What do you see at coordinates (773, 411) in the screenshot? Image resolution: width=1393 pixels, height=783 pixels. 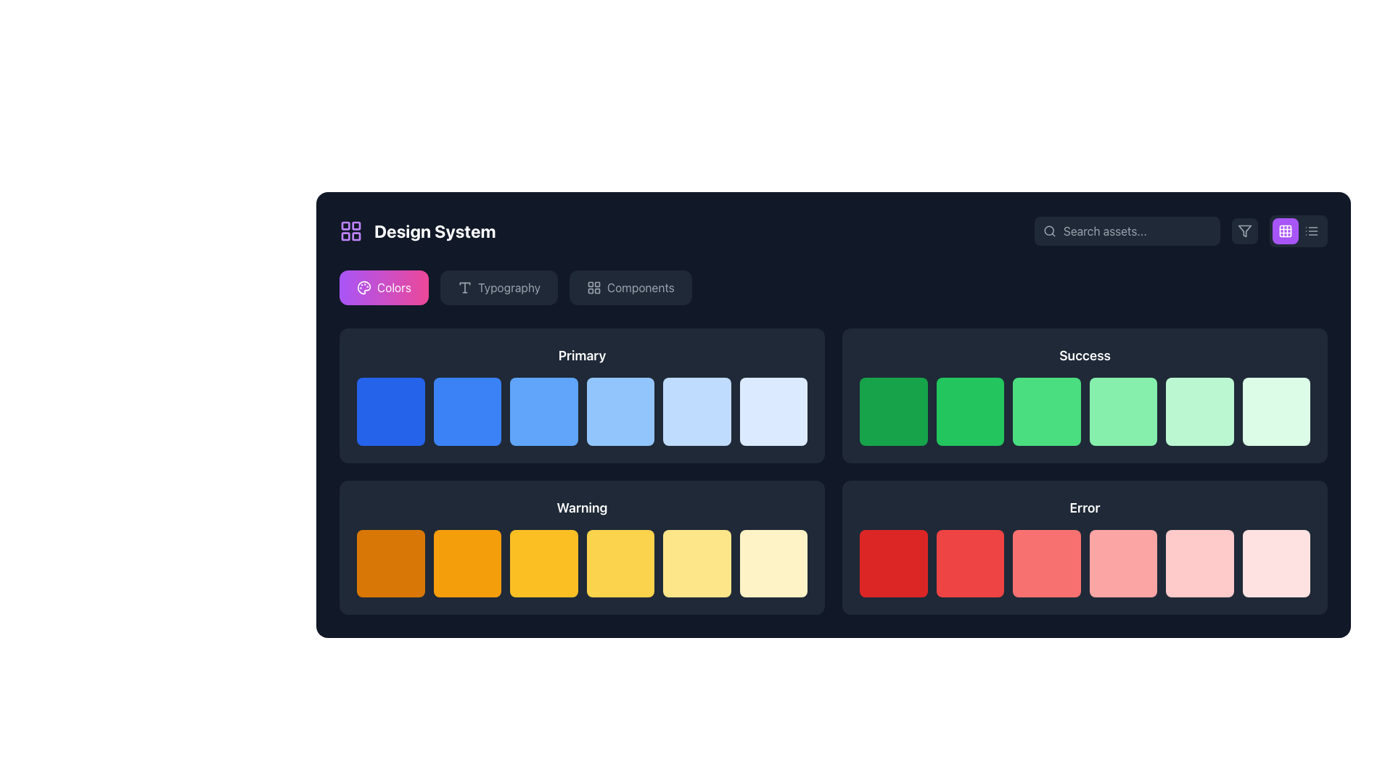 I see `on the sixth light blue interactive color tile in the bottom-right corner of the 'Primary' section` at bounding box center [773, 411].